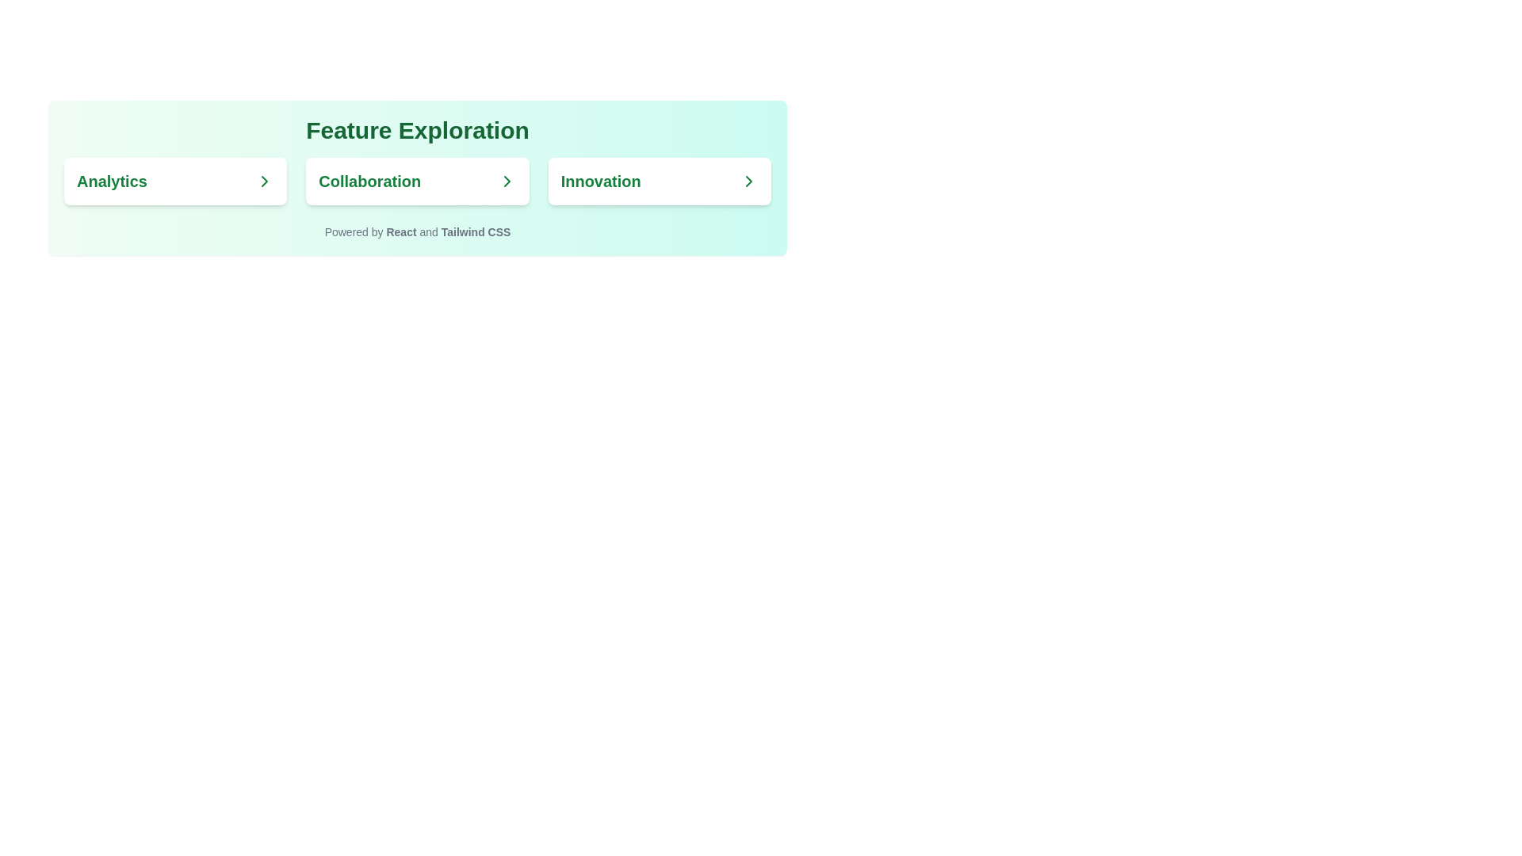 This screenshot has height=856, width=1522. I want to click on the right-facing green chevron icon located in the 'Analytics' section, so click(265, 180).